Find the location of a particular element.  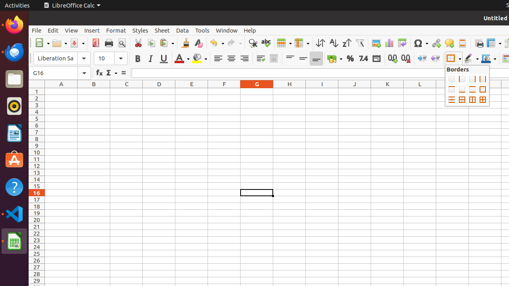

'Comment' is located at coordinates (449, 43).